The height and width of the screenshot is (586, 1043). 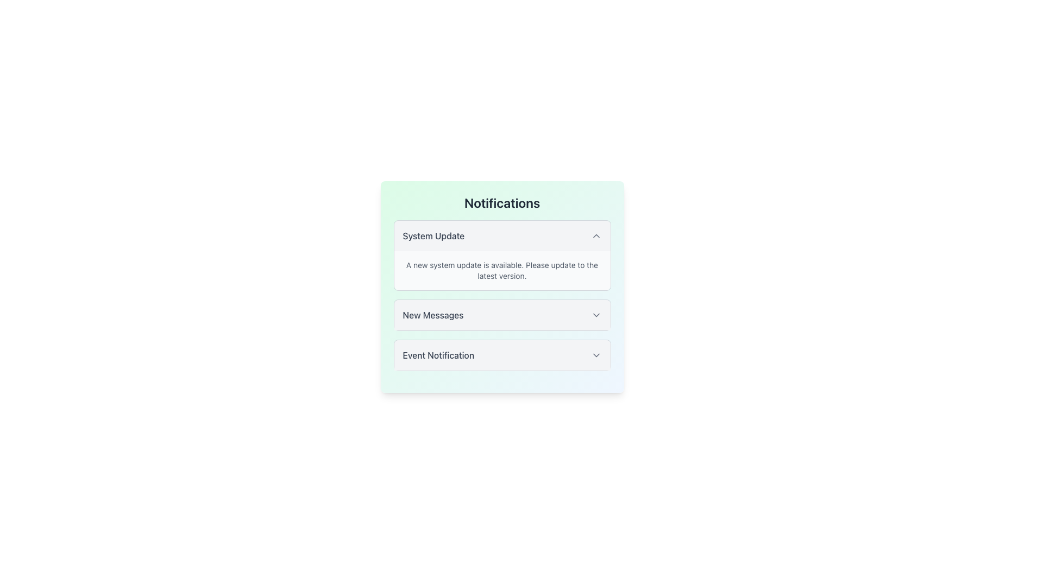 What do you see at coordinates (501, 286) in the screenshot?
I see `the first notification component titled 'System Update' within the expandable card section` at bounding box center [501, 286].